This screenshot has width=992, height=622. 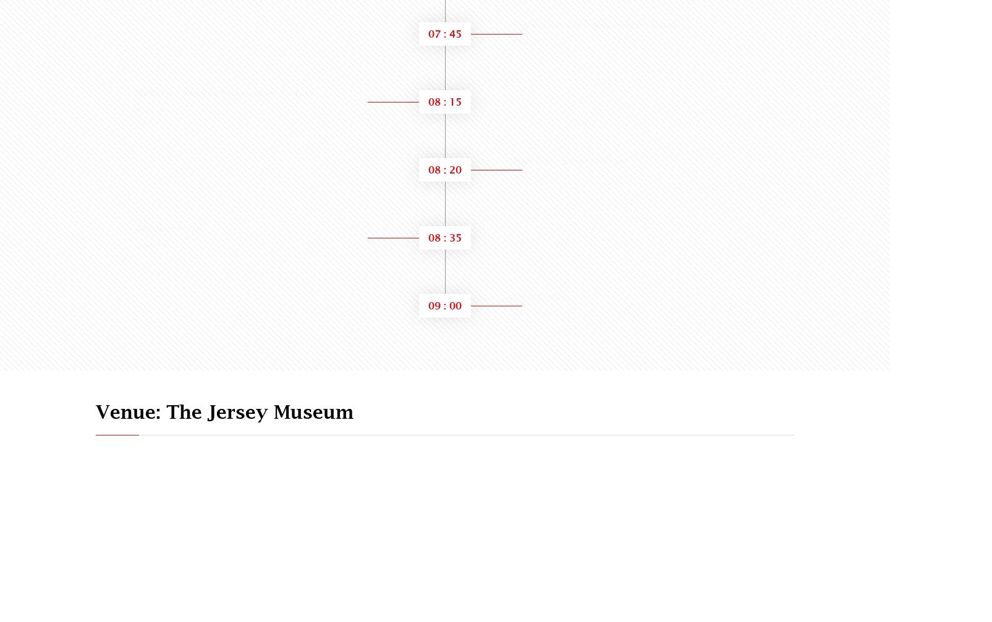 I want to click on '08 : 15', so click(x=428, y=101).